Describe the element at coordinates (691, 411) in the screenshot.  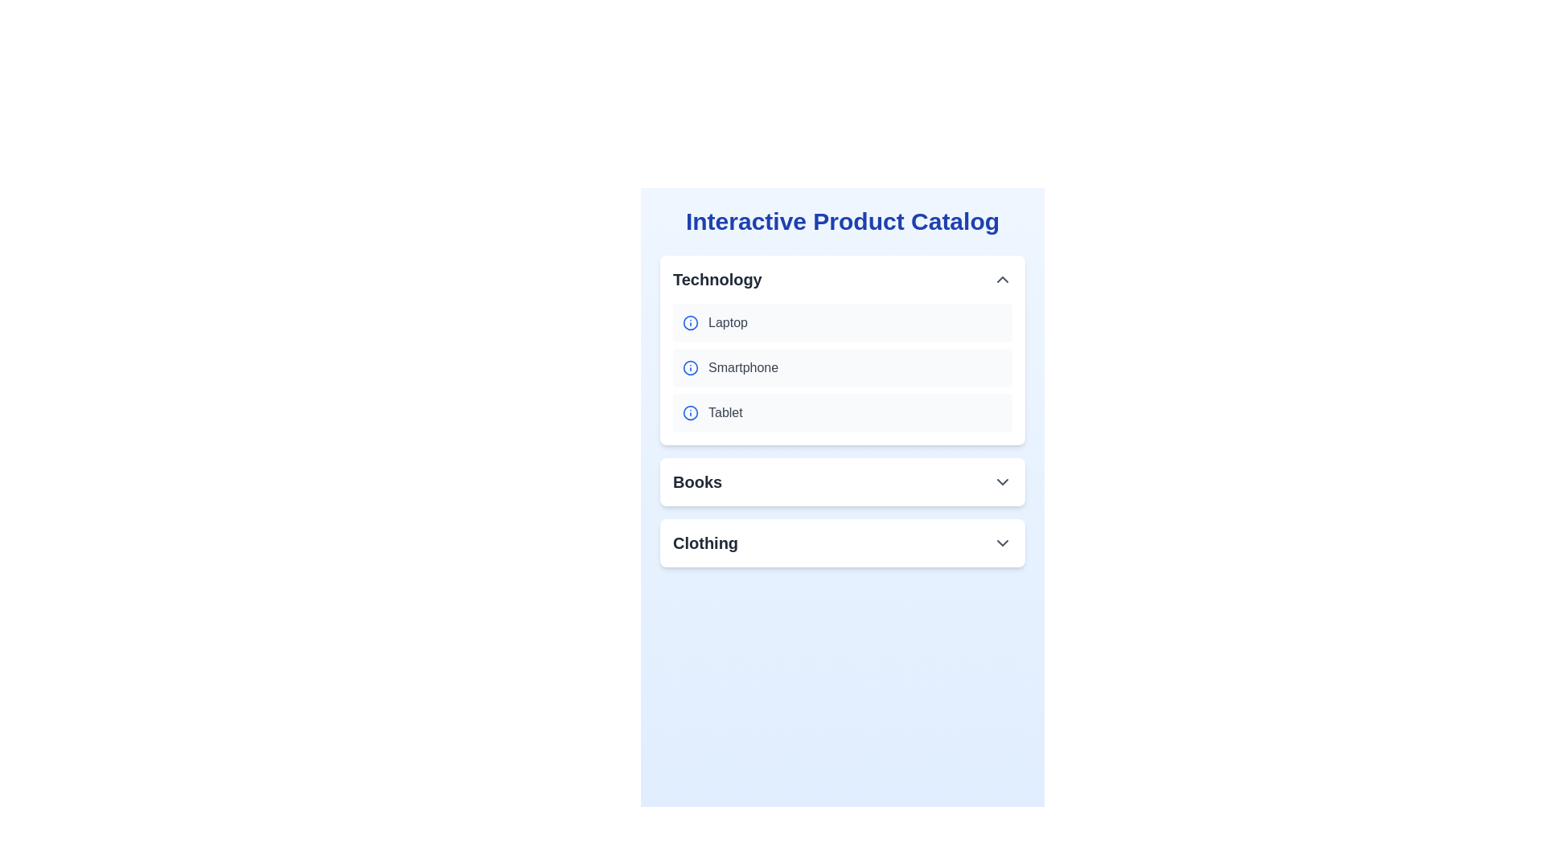
I see `the icon that visually emphasizes the 'Tablet' text label, located in the 'Technology' section` at that location.